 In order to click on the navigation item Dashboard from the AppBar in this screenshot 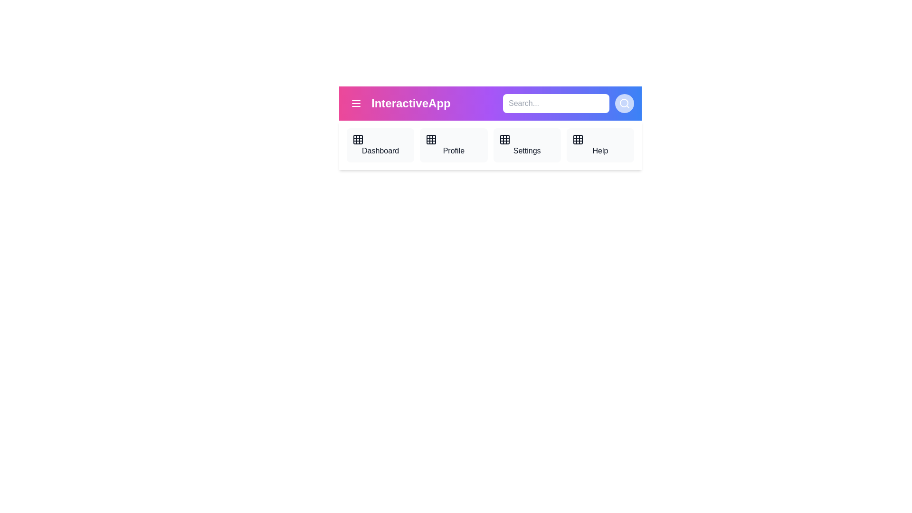, I will do `click(380, 145)`.